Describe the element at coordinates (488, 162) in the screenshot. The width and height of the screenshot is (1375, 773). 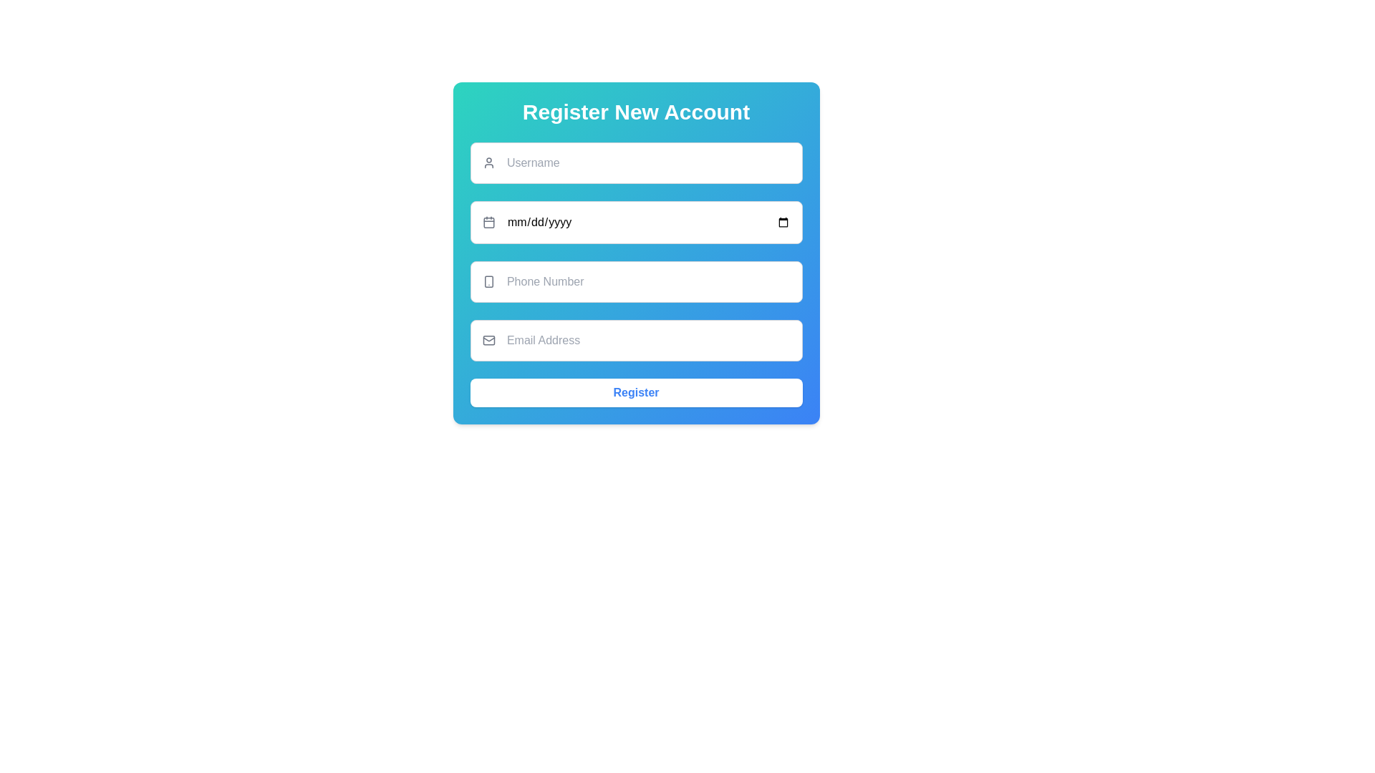
I see `the user profile silhouette icon, which is a gray, line-based illustration located to the left of the 'Username' input field` at that location.